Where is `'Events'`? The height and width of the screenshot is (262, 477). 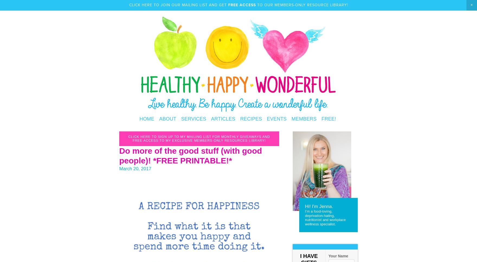
'Events' is located at coordinates (267, 119).